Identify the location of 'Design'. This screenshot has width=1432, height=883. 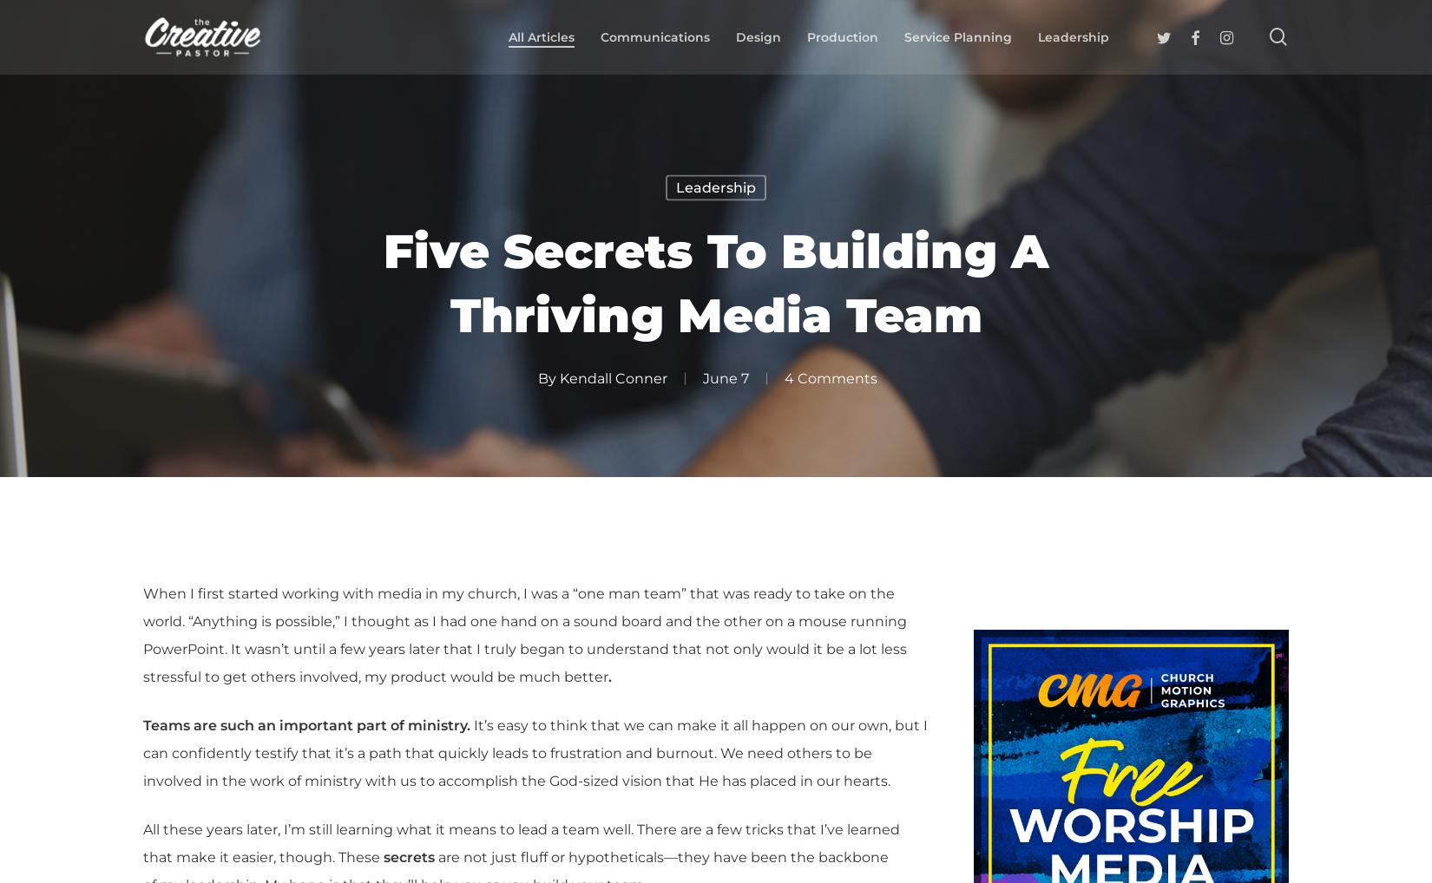
(759, 41).